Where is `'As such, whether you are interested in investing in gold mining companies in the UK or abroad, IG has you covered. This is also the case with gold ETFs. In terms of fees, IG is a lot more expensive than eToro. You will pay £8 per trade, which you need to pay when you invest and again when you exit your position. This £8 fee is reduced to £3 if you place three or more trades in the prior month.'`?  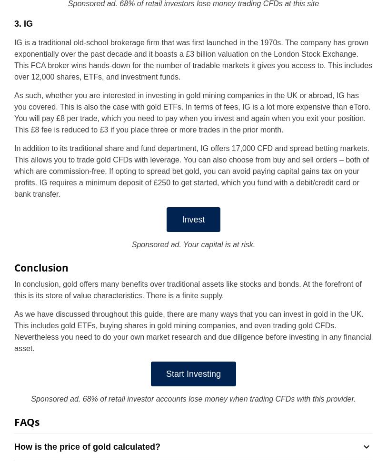
'As such, whether you are interested in investing in gold mining companies in the UK or abroad, IG has you covered. This is also the case with gold ETFs. In terms of fees, IG is a lot more expensive than eToro. You will pay £8 per trade, which you need to pay when you invest and again when you exit your position. This £8 fee is reduced to £3 if you place three or more trades in the prior month.' is located at coordinates (191, 112).